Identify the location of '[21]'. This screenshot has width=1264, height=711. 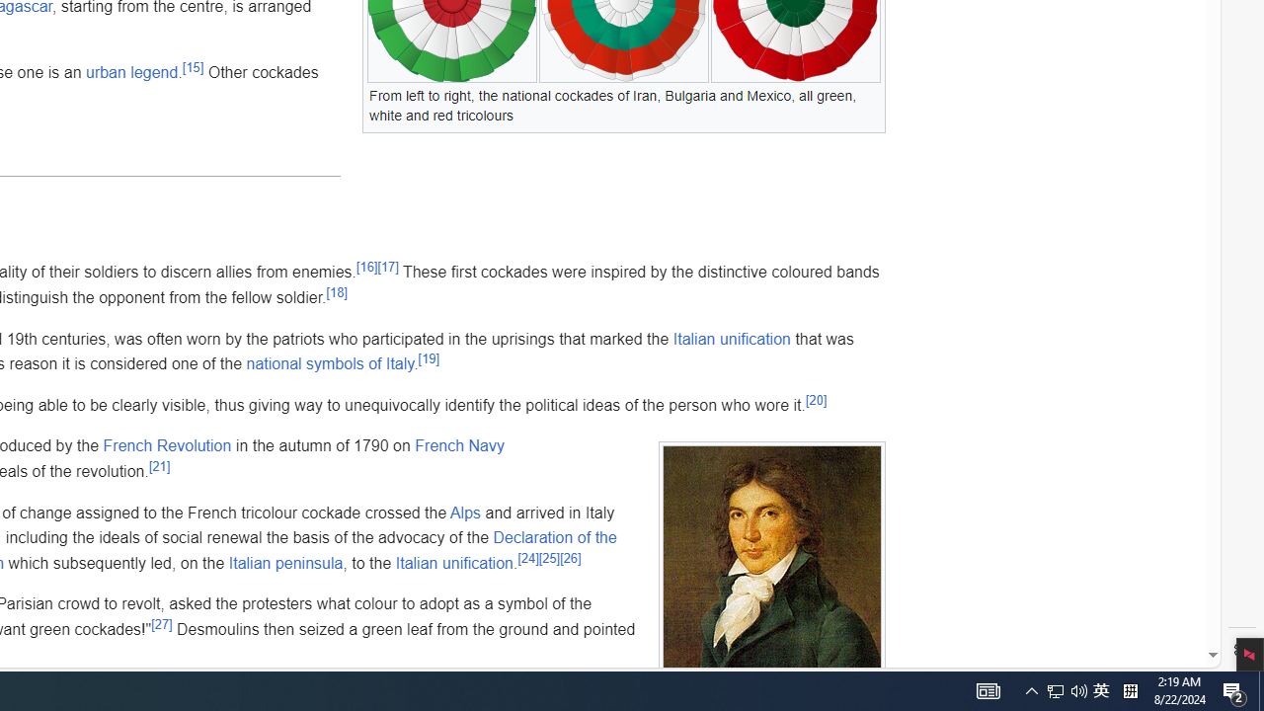
(159, 465).